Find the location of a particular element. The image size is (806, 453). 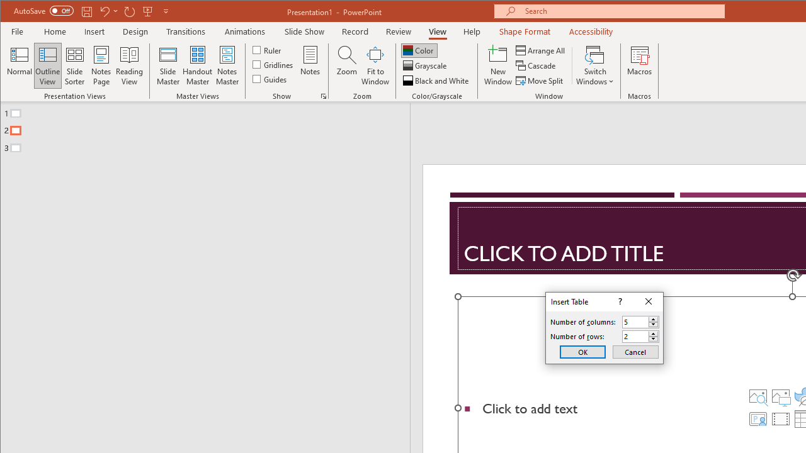

'Ruler' is located at coordinates (267, 49).